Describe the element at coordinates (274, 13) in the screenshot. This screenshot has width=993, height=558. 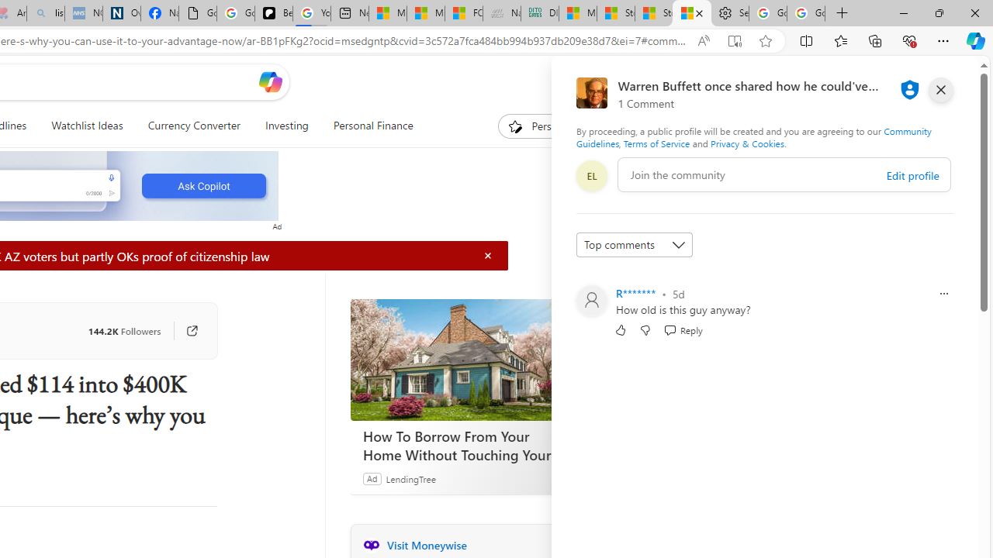
I see `'Be Smart | creating Science videos | Patreon'` at that location.